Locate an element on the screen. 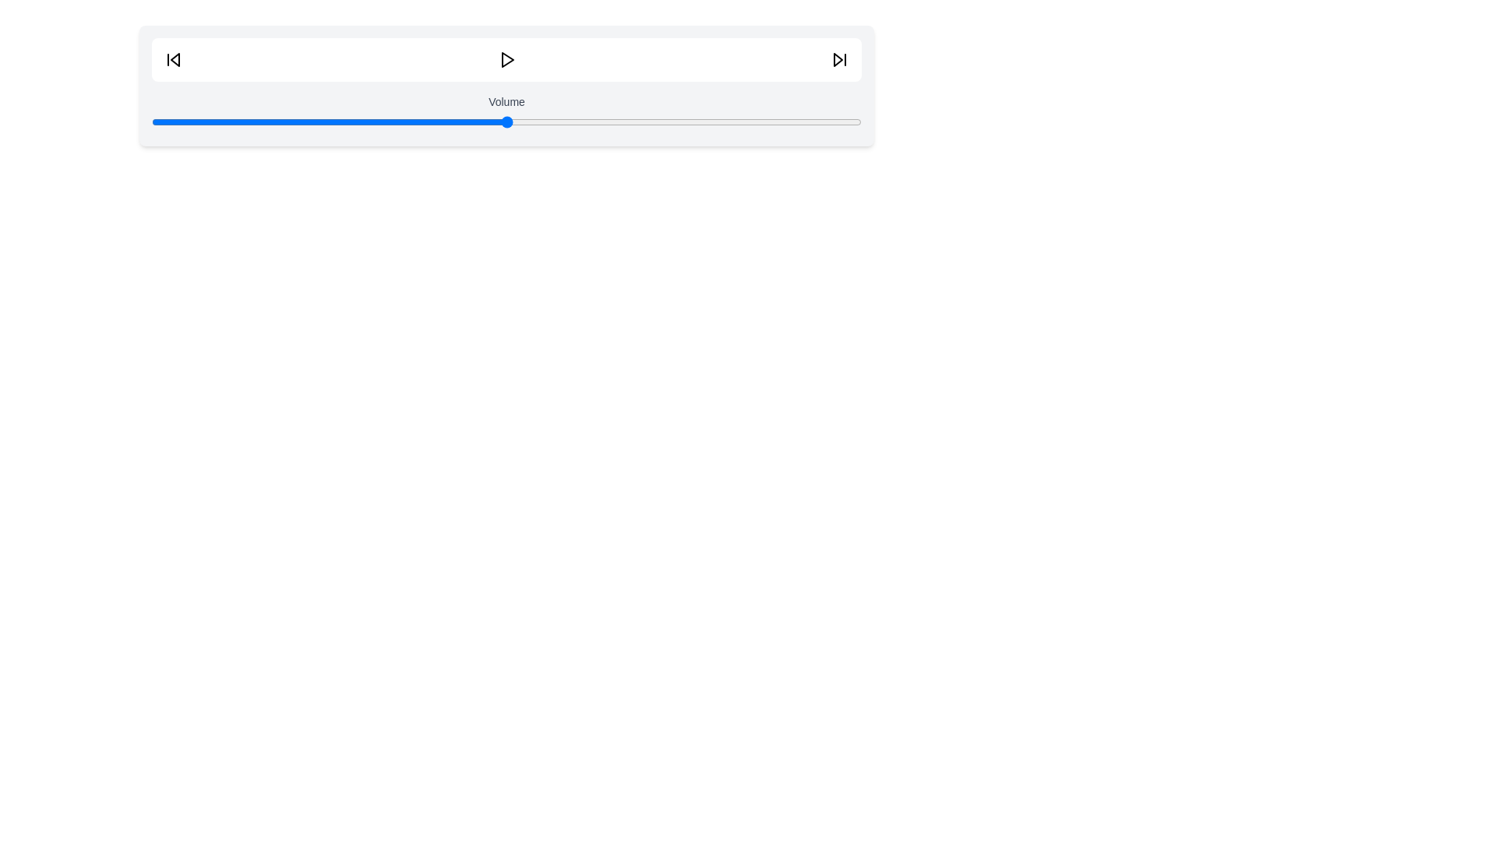  the backward navigation button, which is a triangular-shaped icon with a vertical line to its left, located at the top left of the media control interface is located at coordinates (173, 59).